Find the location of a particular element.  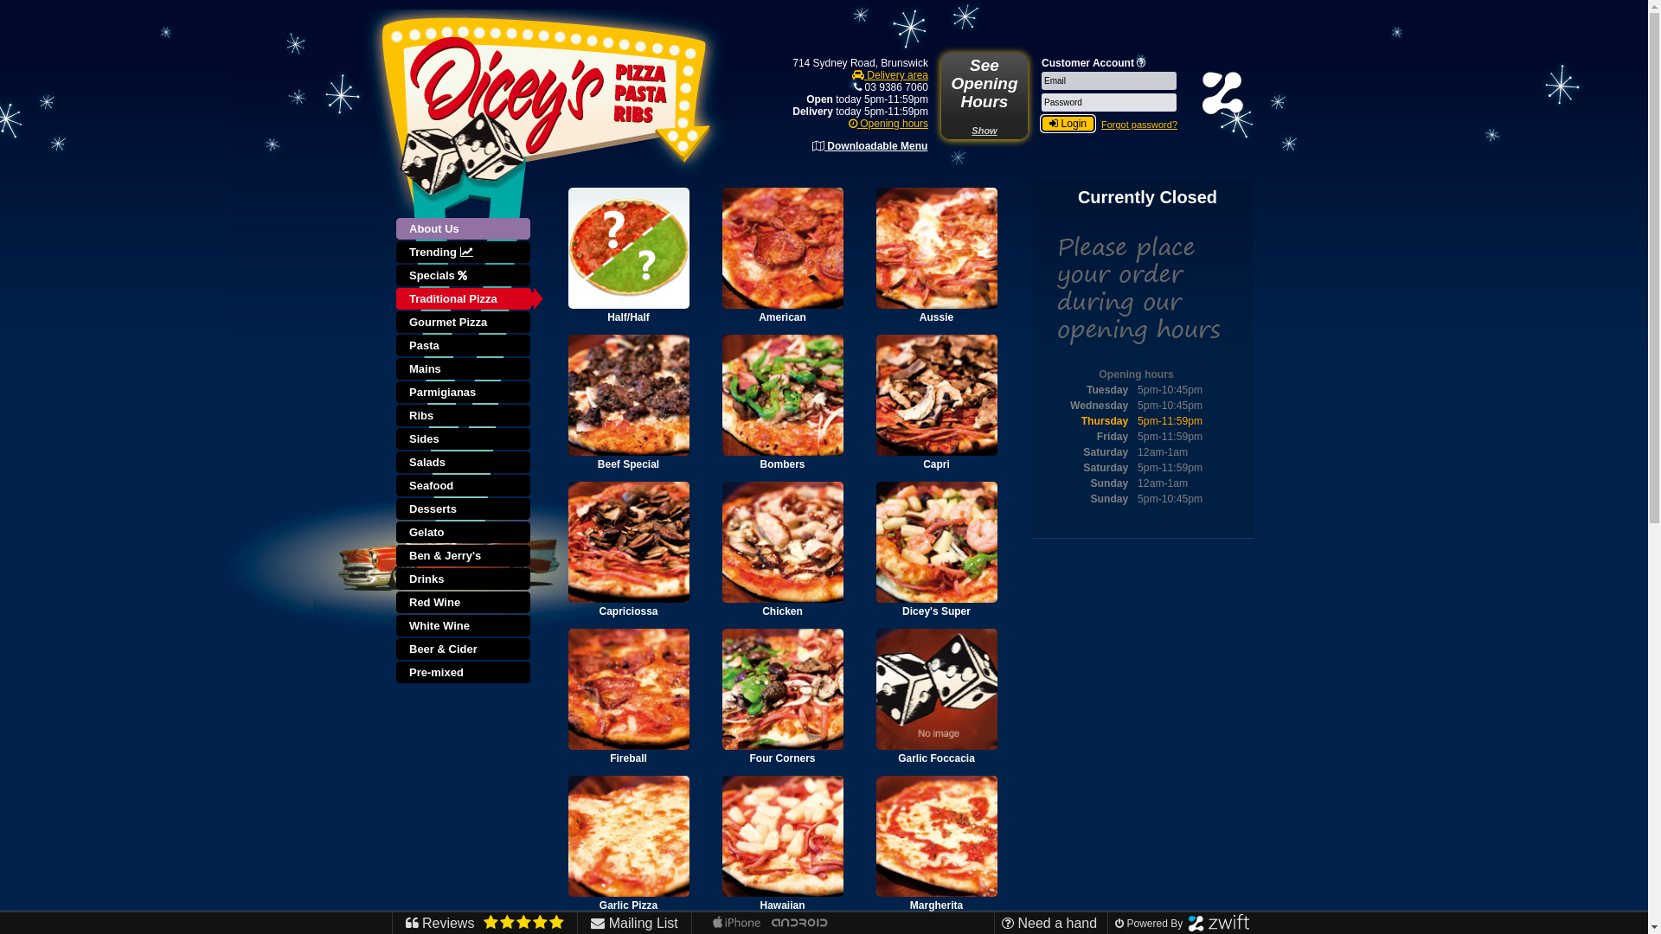

'Pre-mixed' is located at coordinates (465, 672).